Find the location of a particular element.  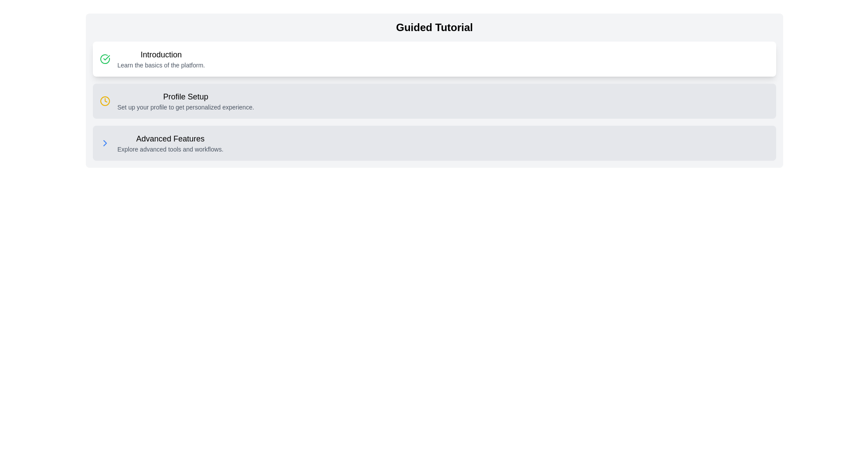

text from the title Text Label located at the top center of the box that includes sections for 'Introduction', 'Profile Setup', and 'Advanced Features' is located at coordinates (435, 27).